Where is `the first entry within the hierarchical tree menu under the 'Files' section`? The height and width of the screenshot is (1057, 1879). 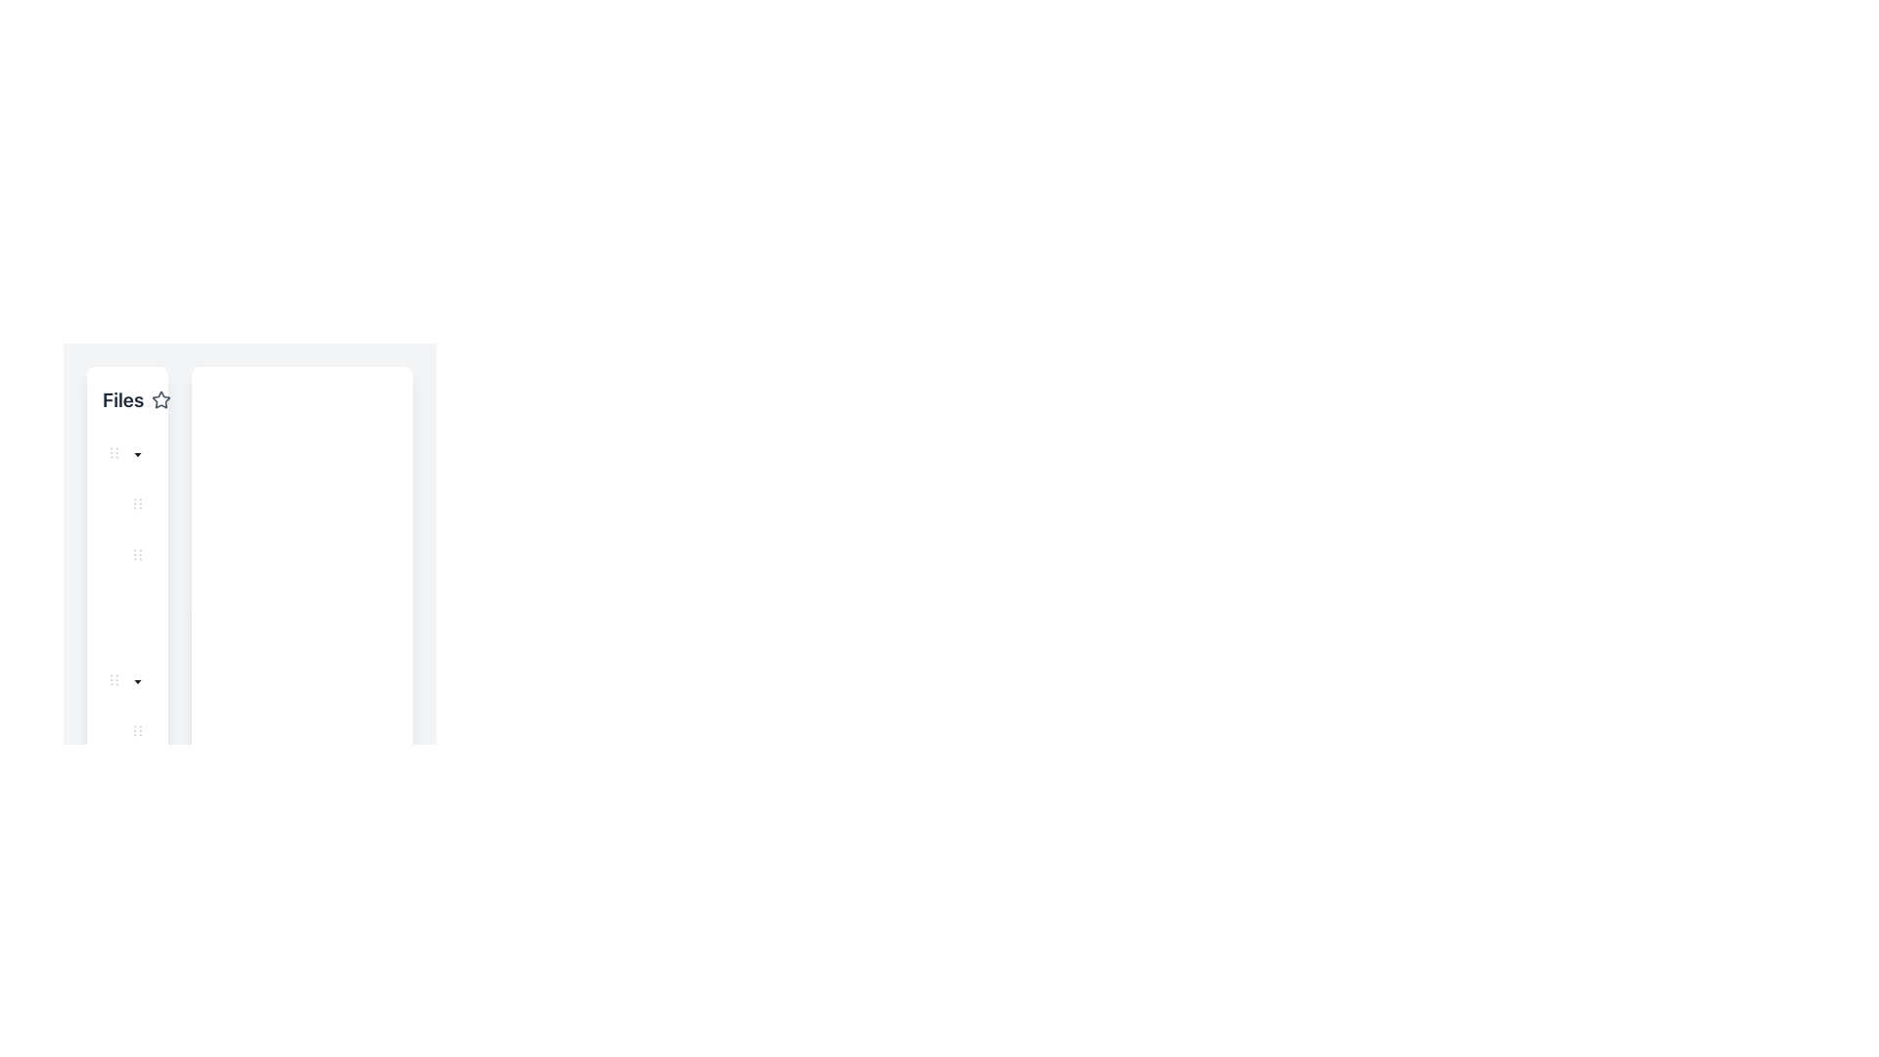 the first entry within the hierarchical tree menu under the 'Files' section is located at coordinates (126, 464).